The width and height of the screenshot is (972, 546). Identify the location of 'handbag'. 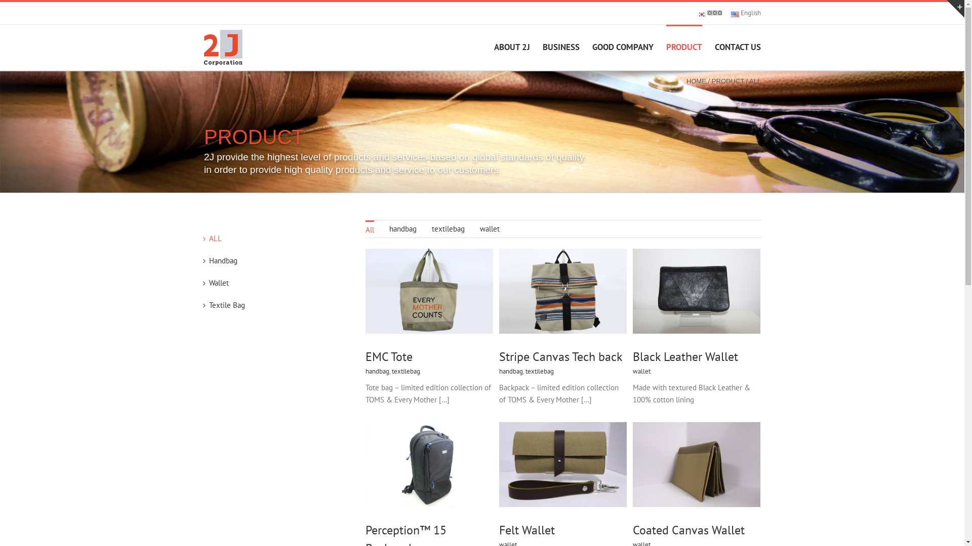
(402, 229).